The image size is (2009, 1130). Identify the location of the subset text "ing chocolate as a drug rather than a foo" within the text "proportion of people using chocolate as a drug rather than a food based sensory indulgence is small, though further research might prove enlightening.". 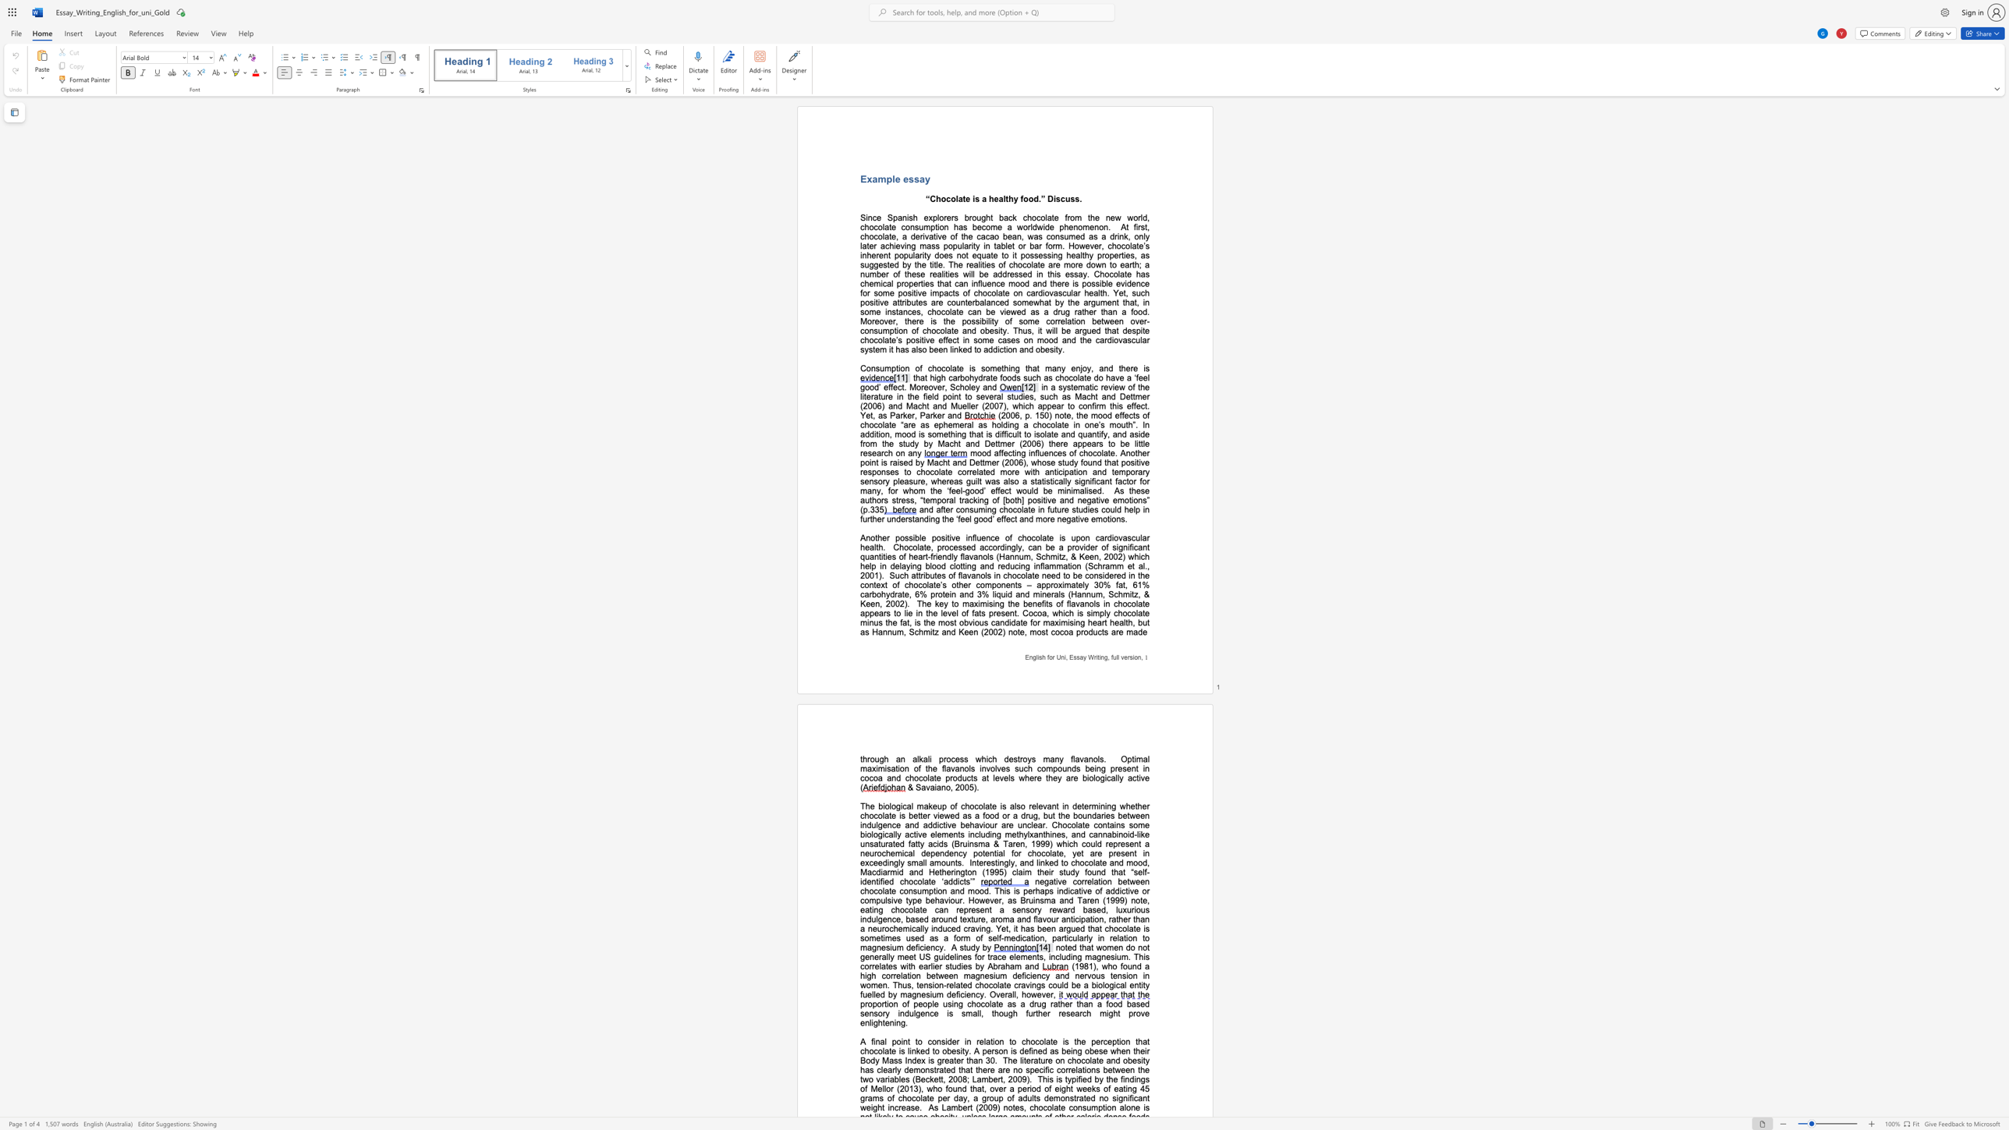
(951, 1004).